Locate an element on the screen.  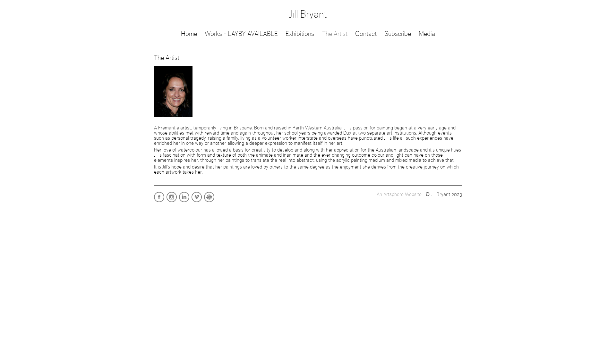
'Contact' is located at coordinates (355, 34).